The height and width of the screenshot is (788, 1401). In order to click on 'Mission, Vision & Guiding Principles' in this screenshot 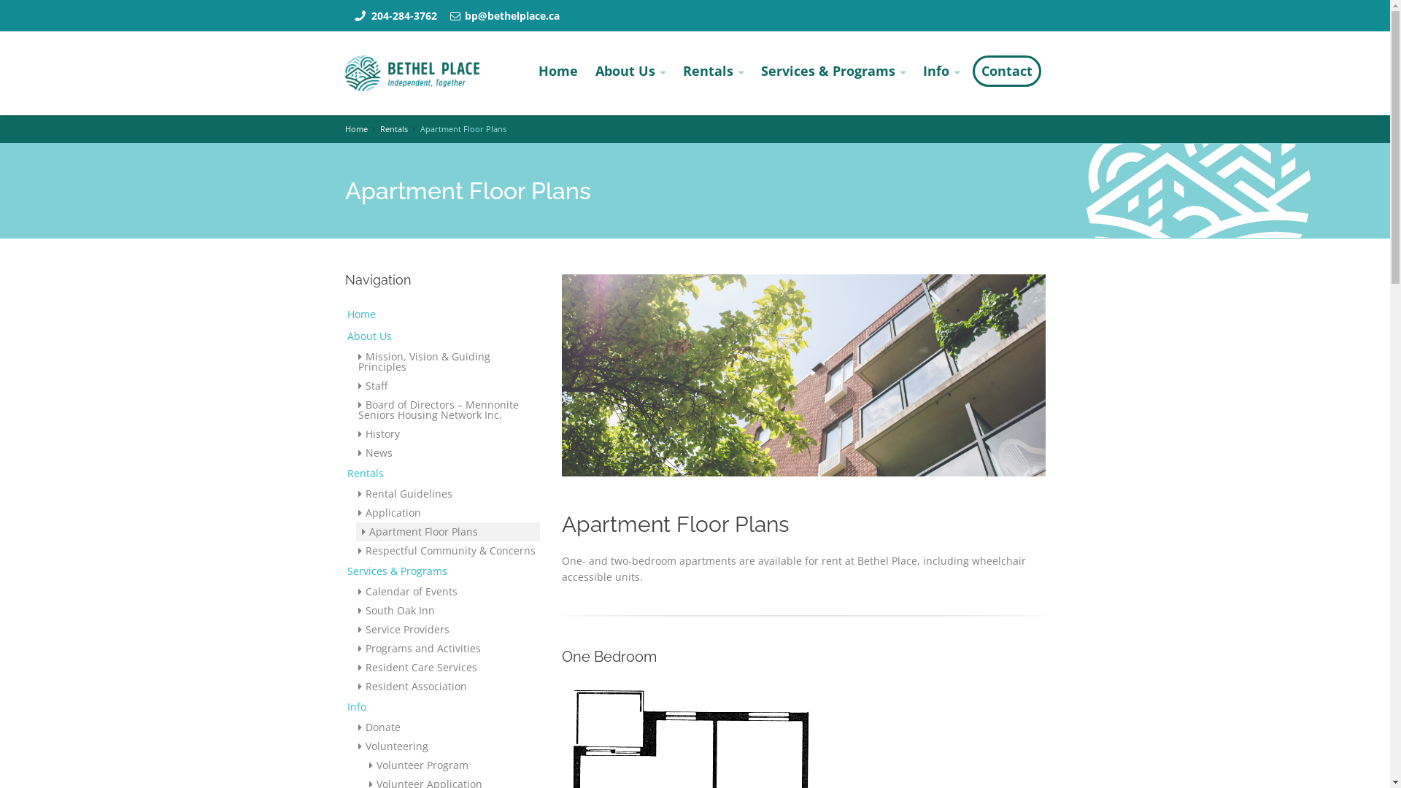, I will do `click(447, 361)`.